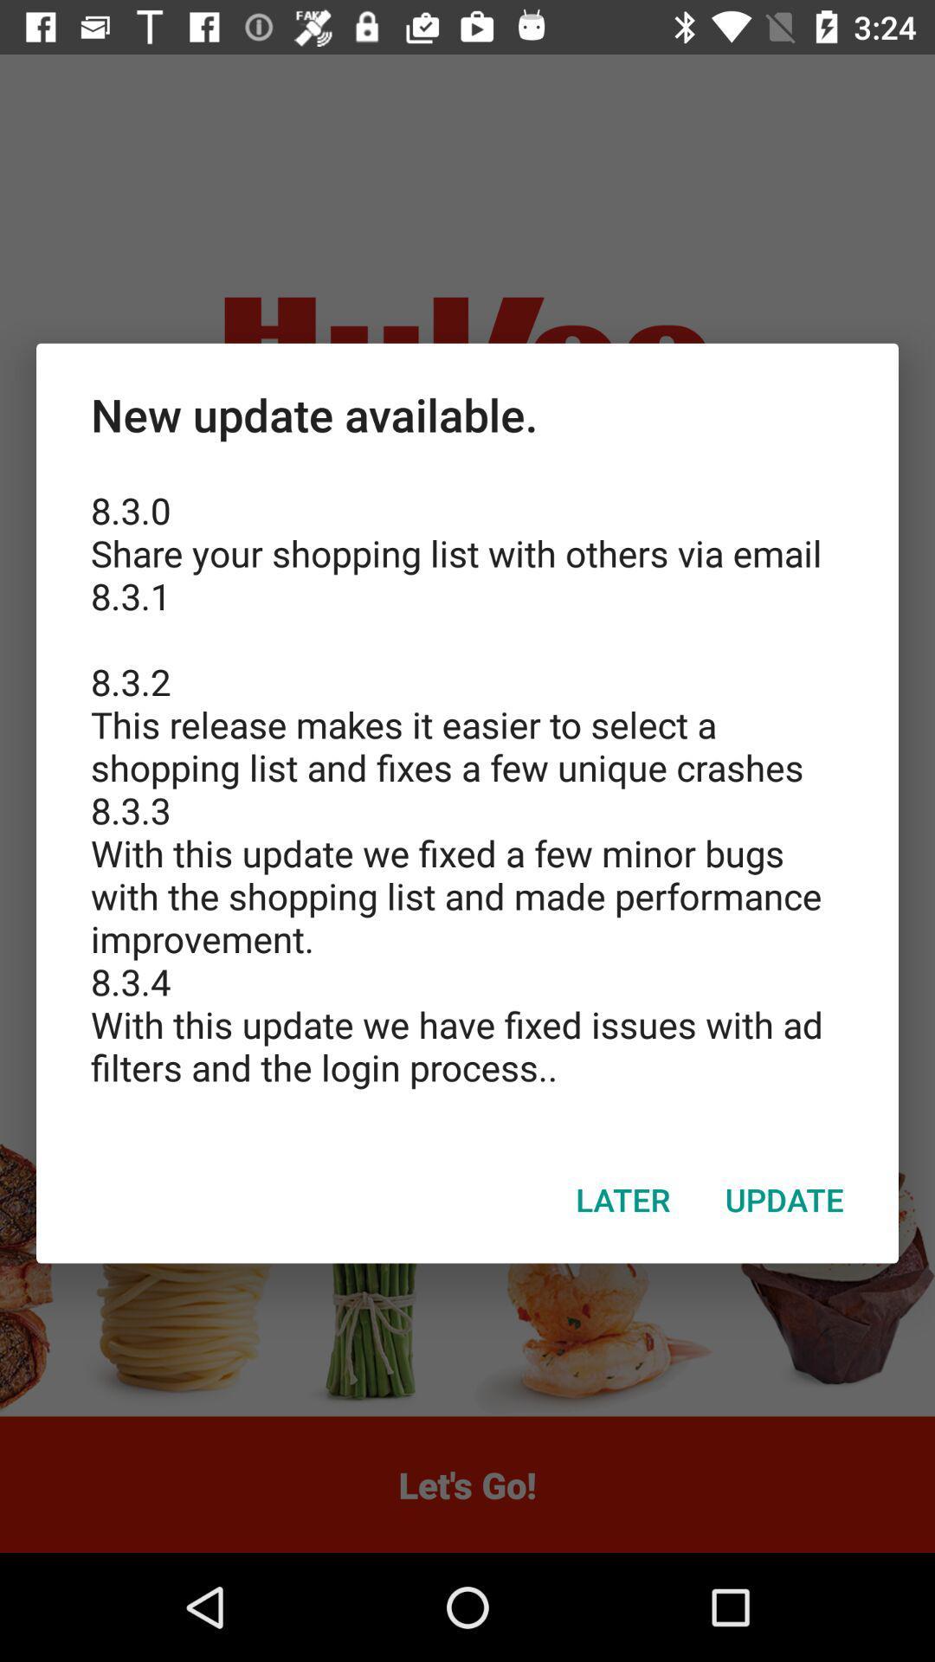  Describe the element at coordinates (623, 1199) in the screenshot. I see `icon below the 8 3 0 icon` at that location.